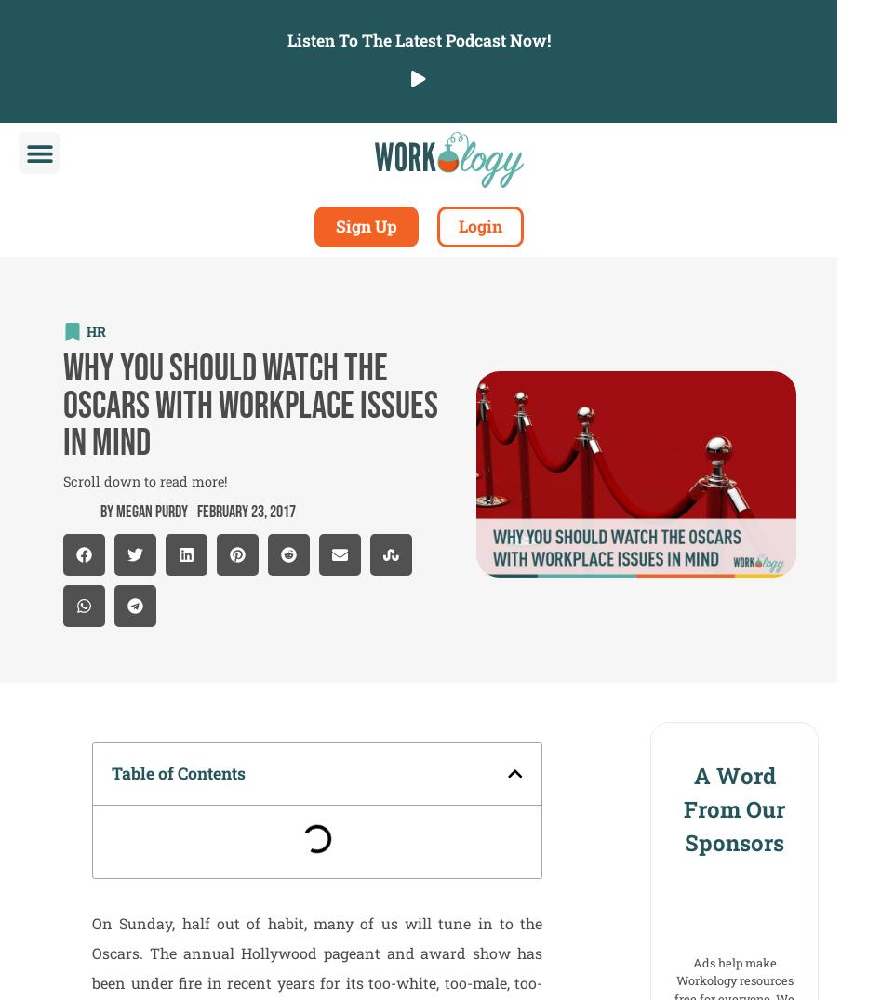 The height and width of the screenshot is (1000, 881). Describe the element at coordinates (178, 771) in the screenshot. I see `'Table of Contents'` at that location.